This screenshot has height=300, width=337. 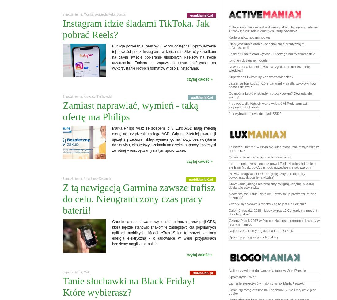 What do you see at coordinates (267, 204) in the screenshot?
I see `'Zegarki hybrydowe Kronaby - co to jest i jak działa?'` at bounding box center [267, 204].